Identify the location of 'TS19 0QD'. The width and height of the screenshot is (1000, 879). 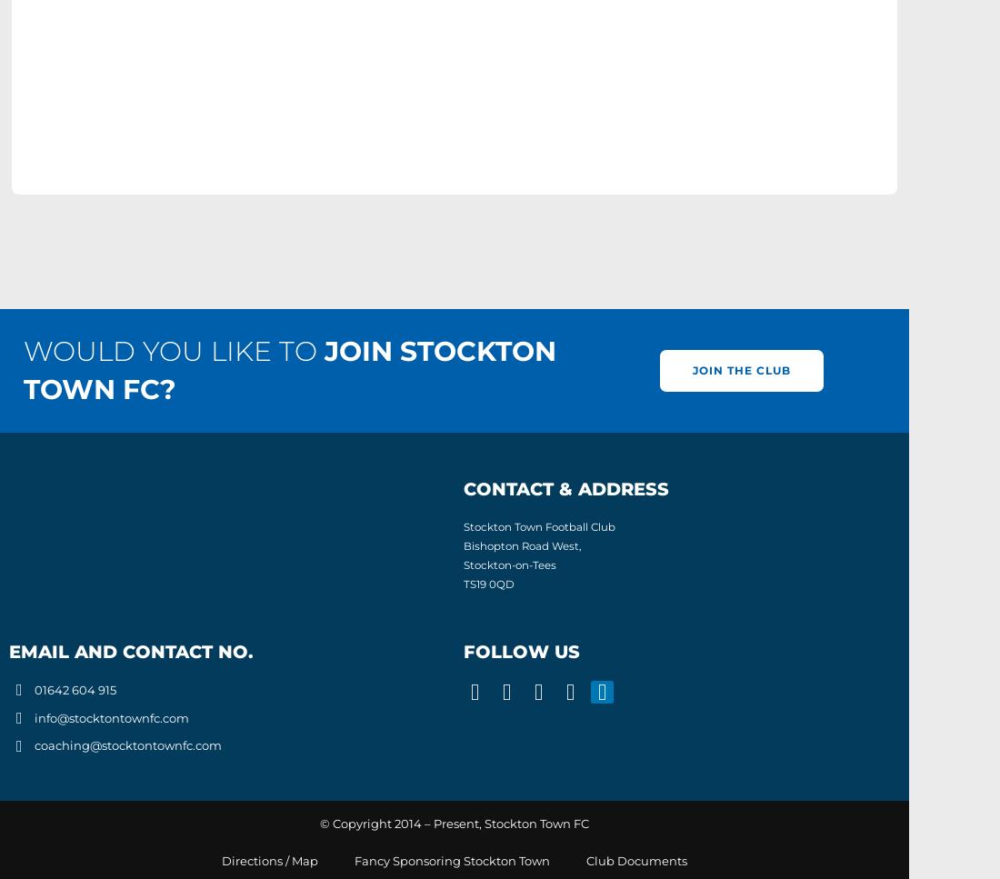
(489, 582).